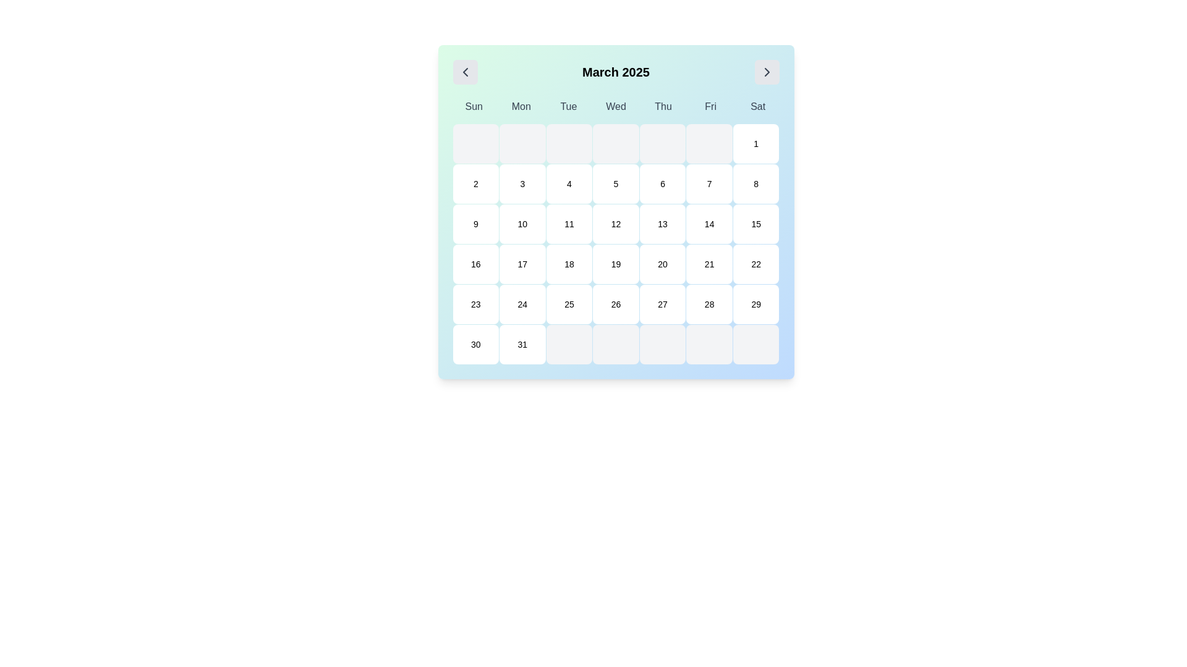  What do you see at coordinates (616, 264) in the screenshot?
I see `the calendar cell labeled '19' in the third row and fifth column of the March 2025 calendar` at bounding box center [616, 264].